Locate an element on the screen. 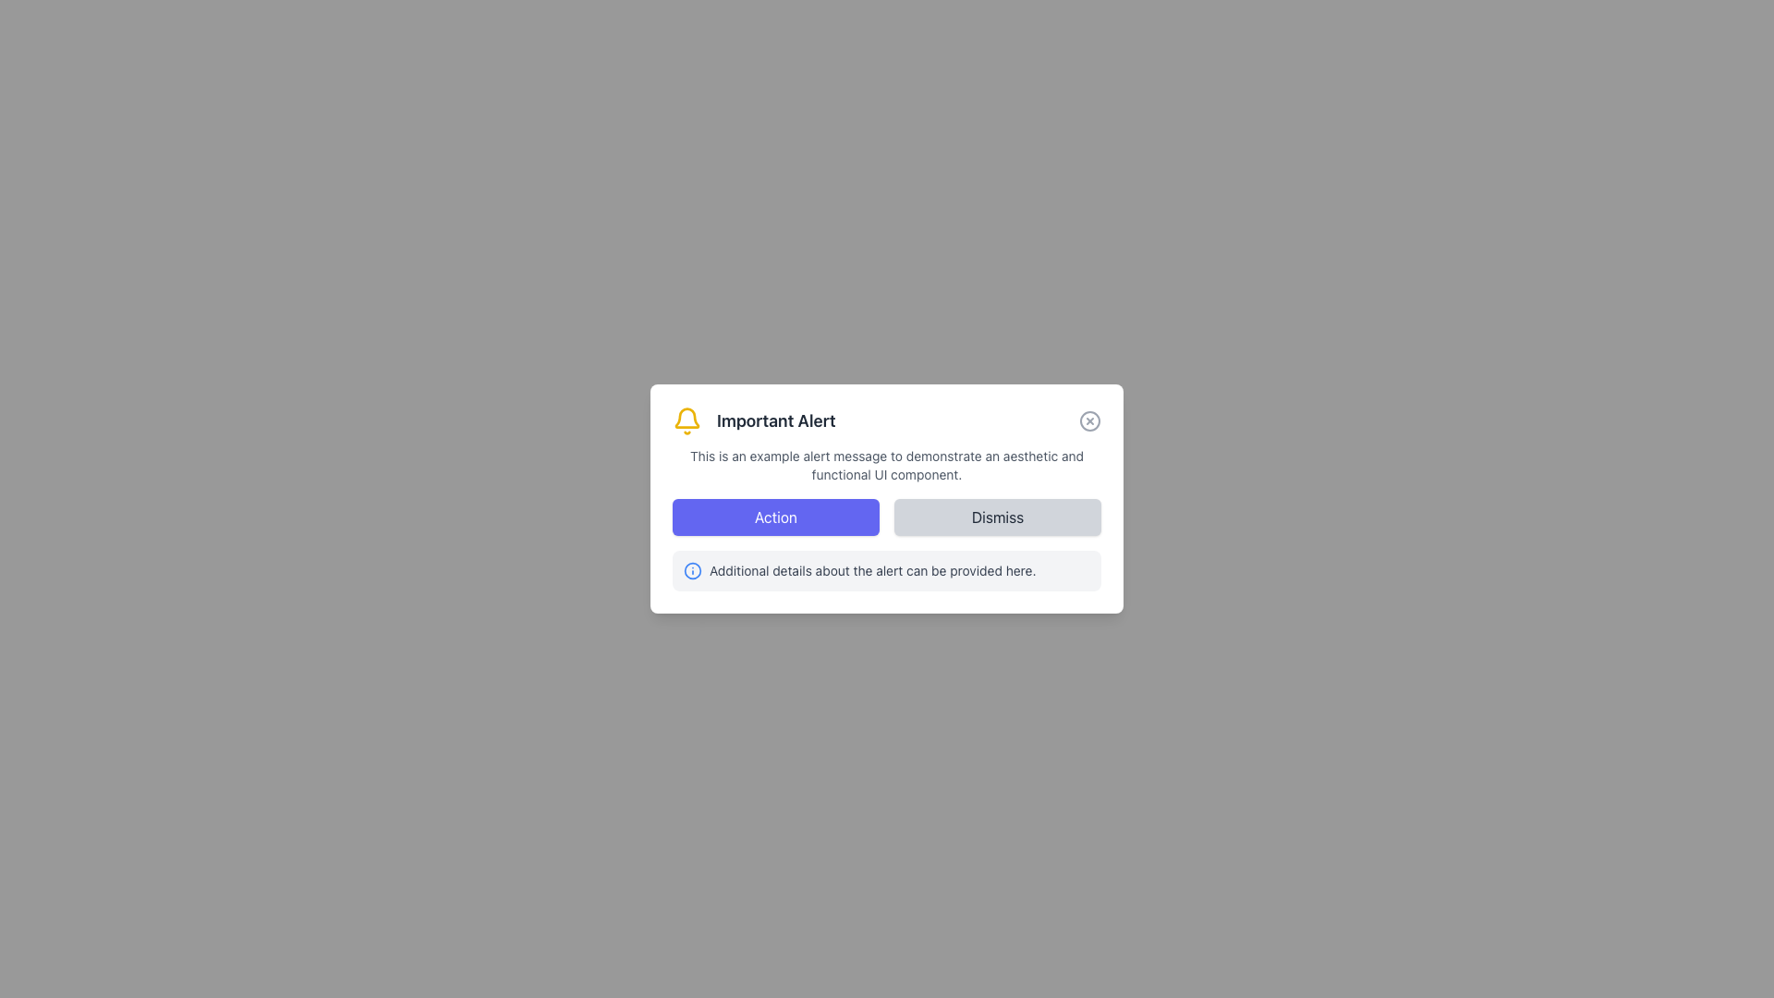 The width and height of the screenshot is (1774, 998). text content of the 'Important Alert' text component, which is styled in a large bold gray font and positioned next to a yellow bell icon is located at coordinates (776, 420).